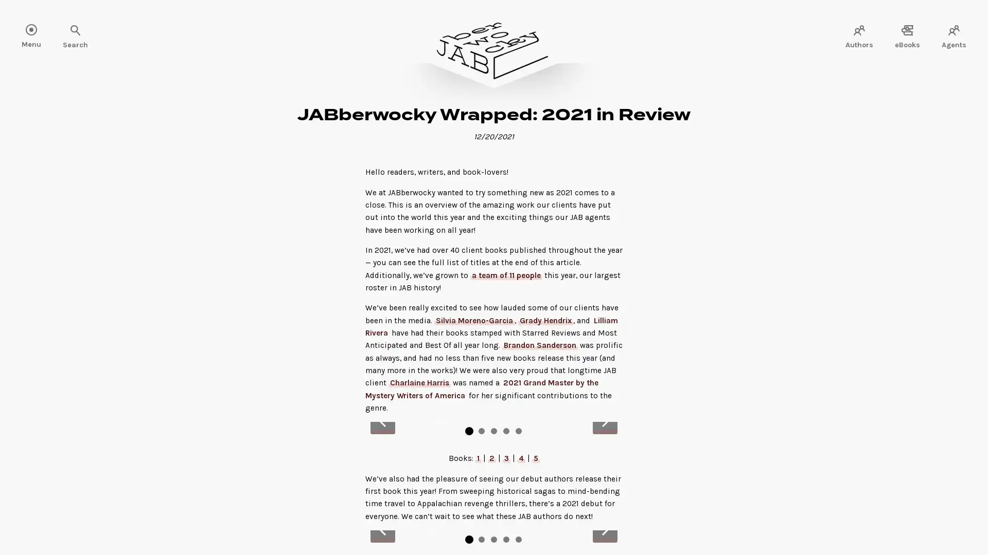 The image size is (988, 555). What do you see at coordinates (494, 431) in the screenshot?
I see `Go to slide 3` at bounding box center [494, 431].